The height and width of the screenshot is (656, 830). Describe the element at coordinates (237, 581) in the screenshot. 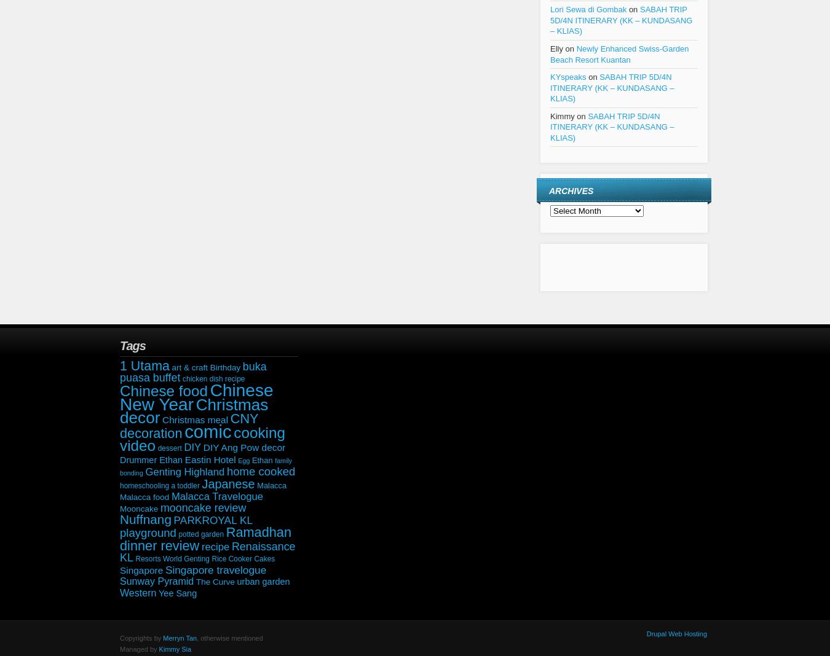

I see `'urban garden'` at that location.